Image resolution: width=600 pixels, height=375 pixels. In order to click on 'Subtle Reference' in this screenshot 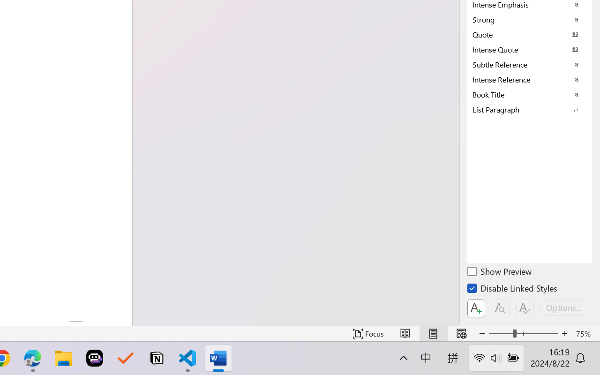, I will do `click(530, 64)`.